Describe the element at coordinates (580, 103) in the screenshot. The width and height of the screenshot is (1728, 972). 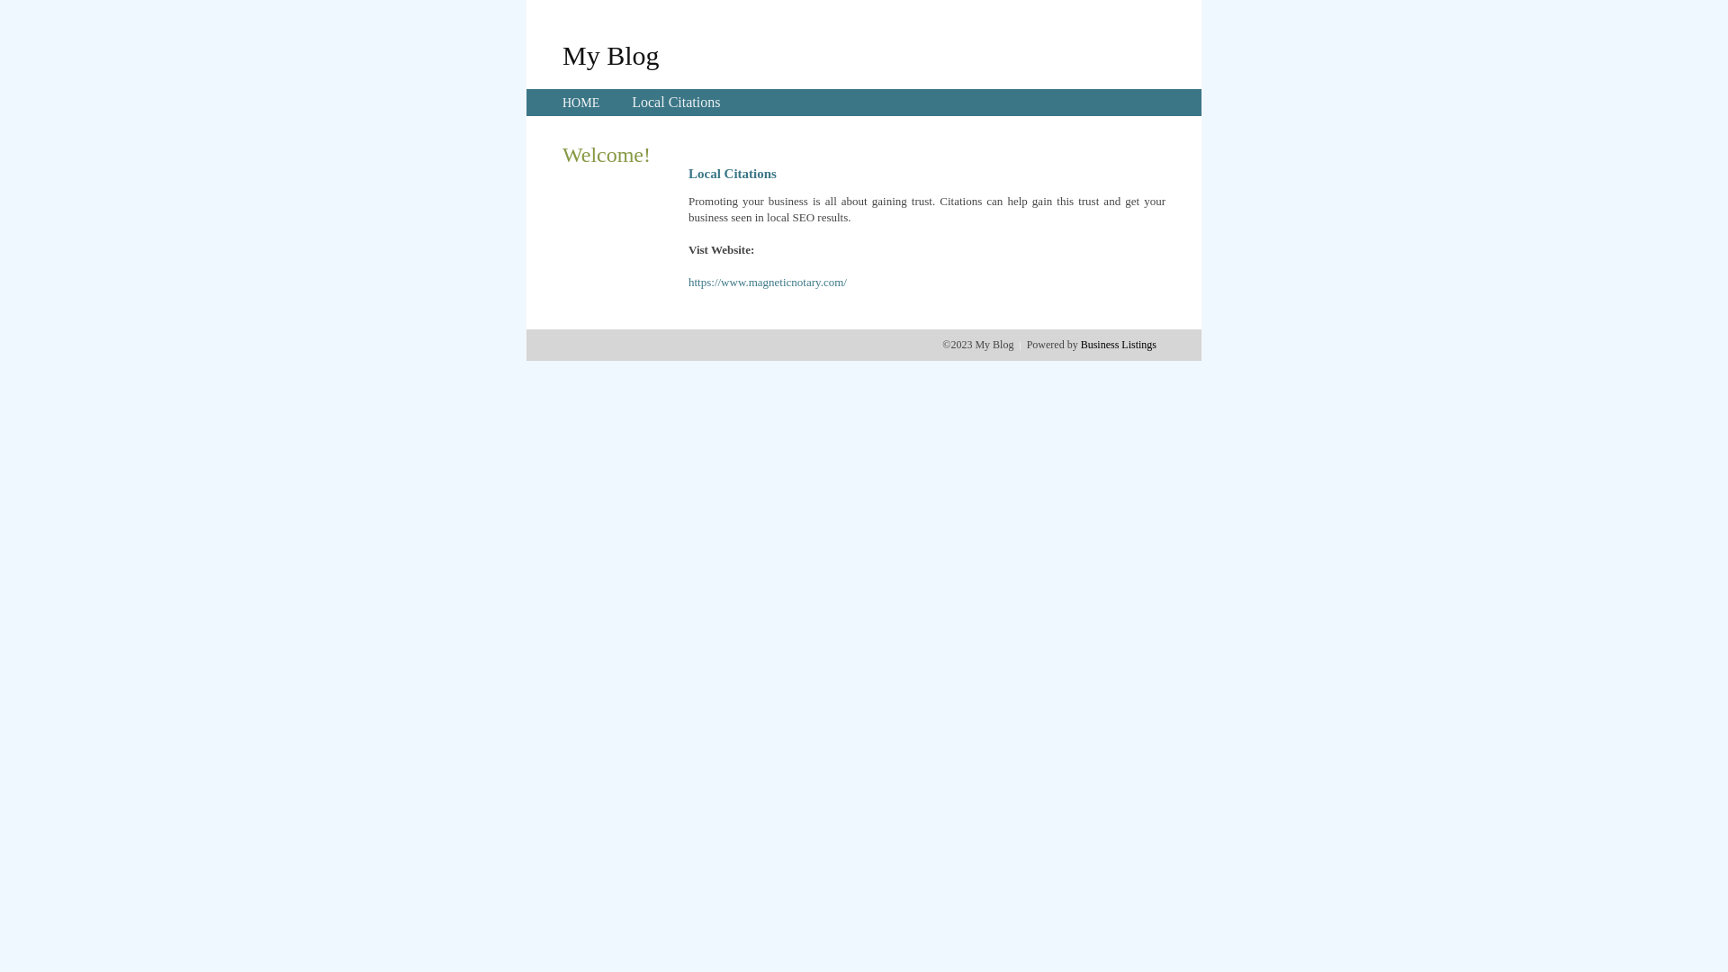
I see `'HOME'` at that location.